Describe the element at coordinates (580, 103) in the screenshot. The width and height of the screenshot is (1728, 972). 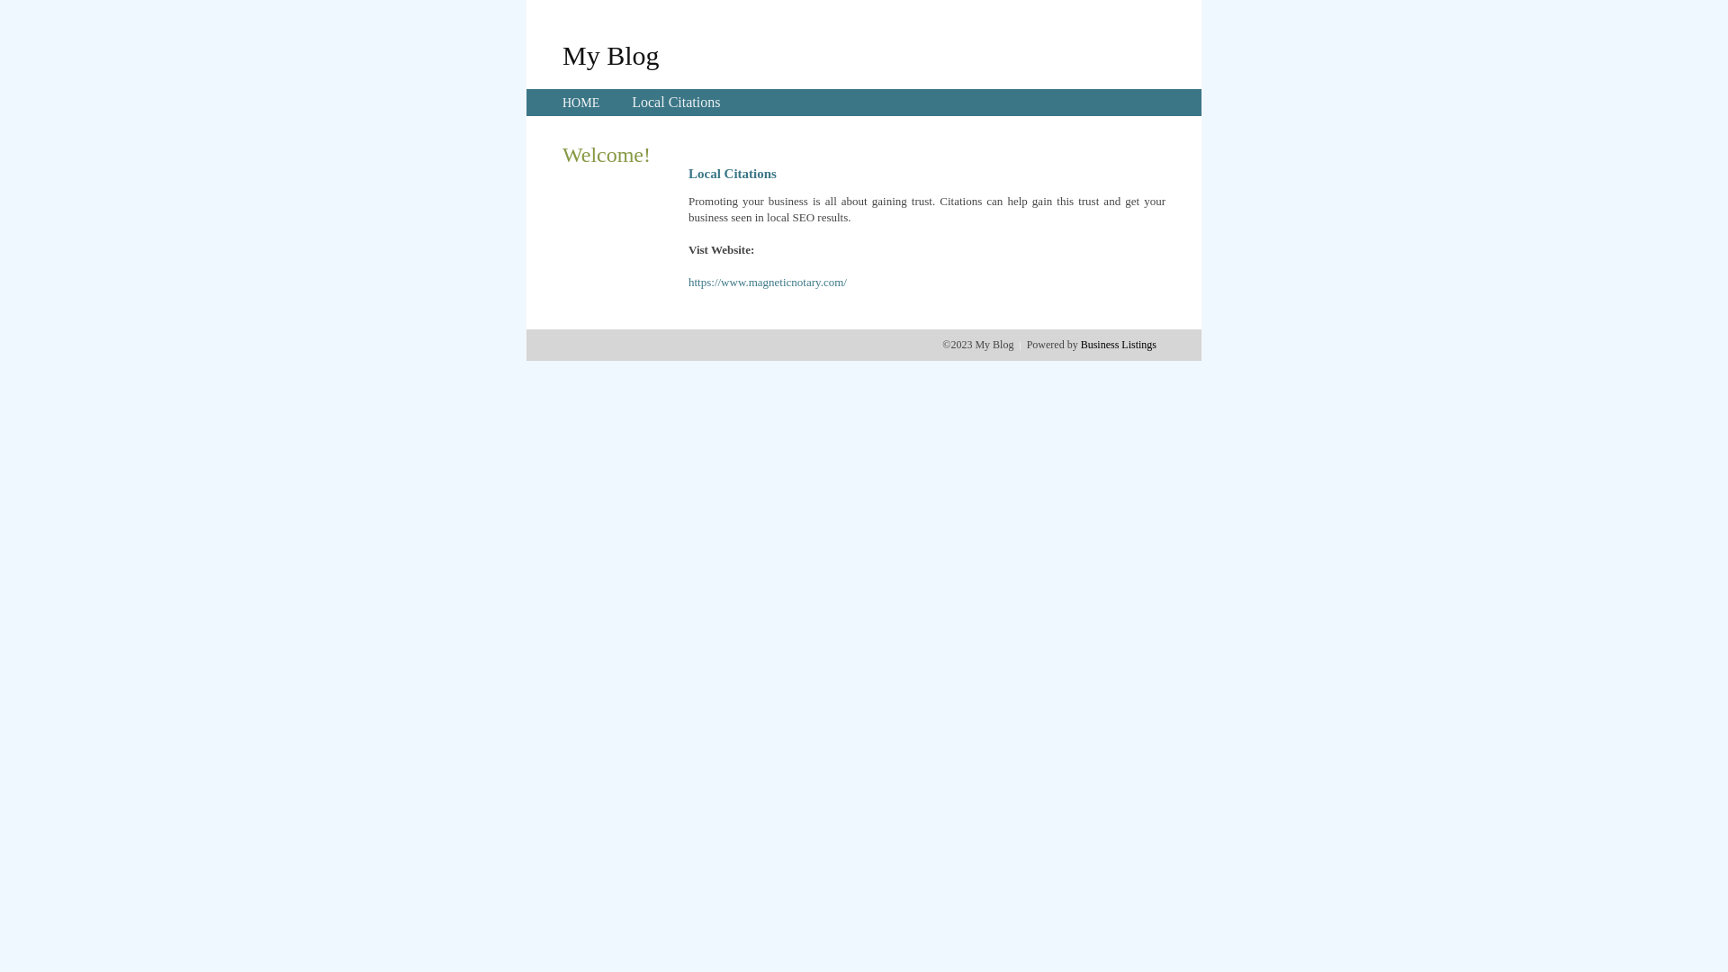
I see `'HOME'` at that location.